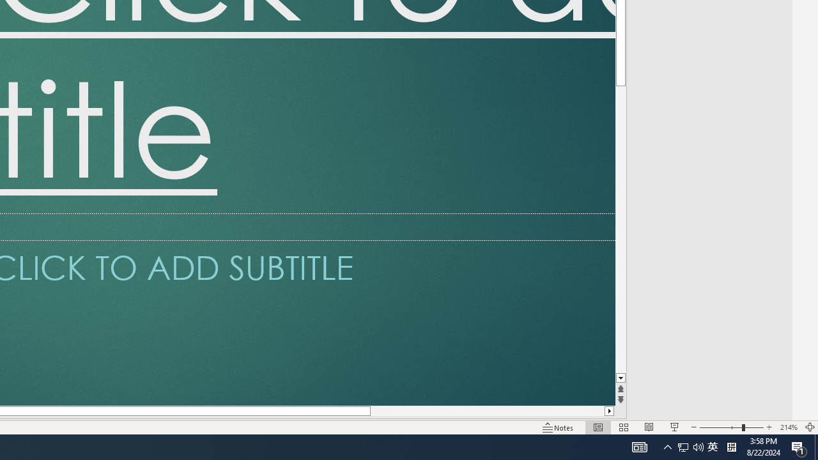  I want to click on 'Zoom 214%', so click(788, 427).